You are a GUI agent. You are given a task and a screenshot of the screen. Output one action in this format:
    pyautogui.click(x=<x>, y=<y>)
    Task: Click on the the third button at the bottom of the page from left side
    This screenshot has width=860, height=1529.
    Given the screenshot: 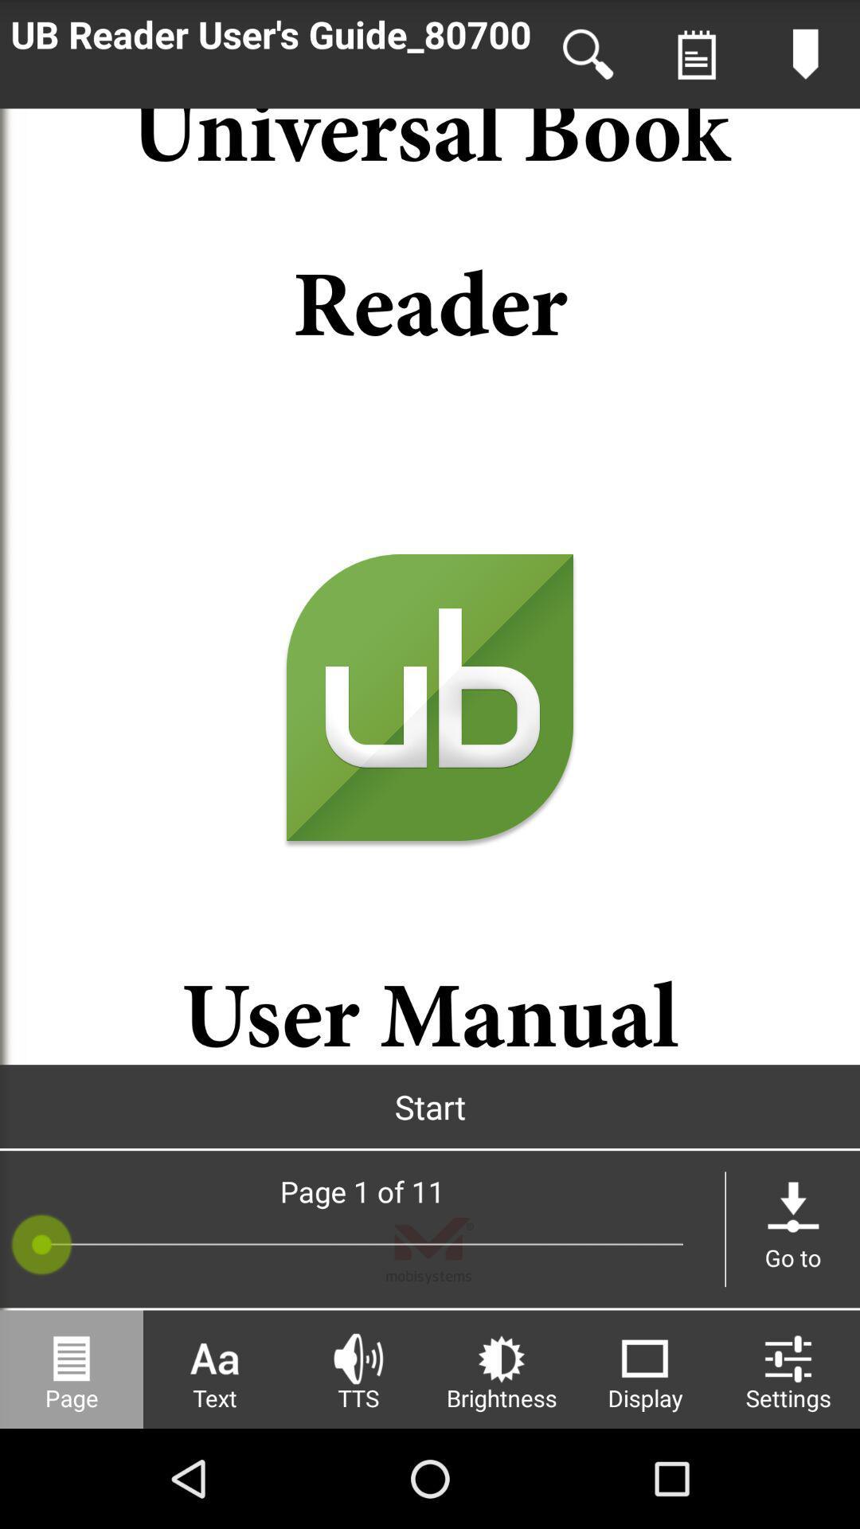 What is the action you would take?
    pyautogui.click(x=358, y=1368)
    